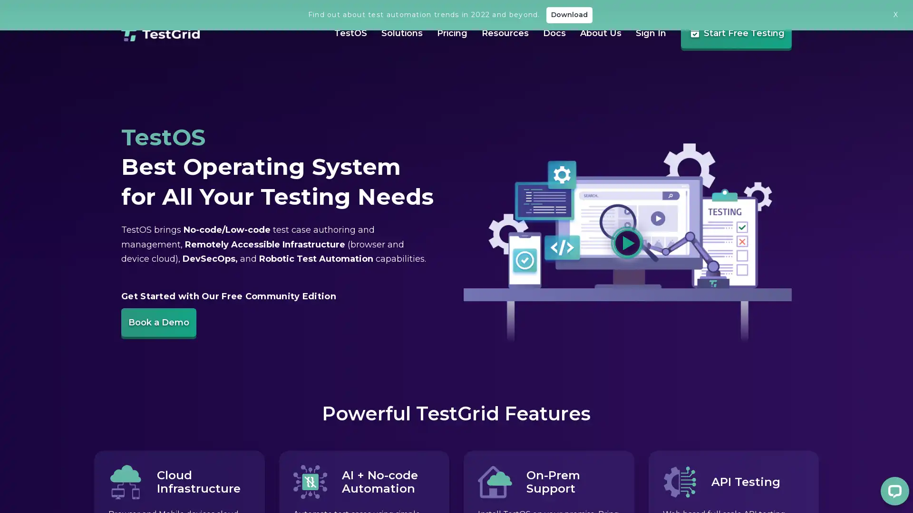 The image size is (913, 513). What do you see at coordinates (544, 60) in the screenshot?
I see `Docs` at bounding box center [544, 60].